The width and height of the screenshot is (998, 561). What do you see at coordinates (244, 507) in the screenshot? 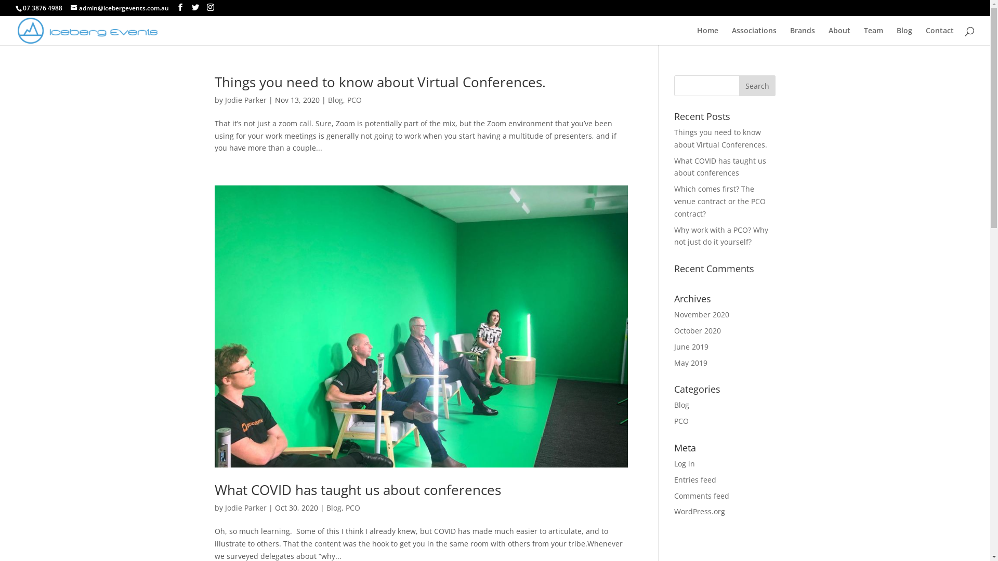
I see `'Jodie Parker'` at bounding box center [244, 507].